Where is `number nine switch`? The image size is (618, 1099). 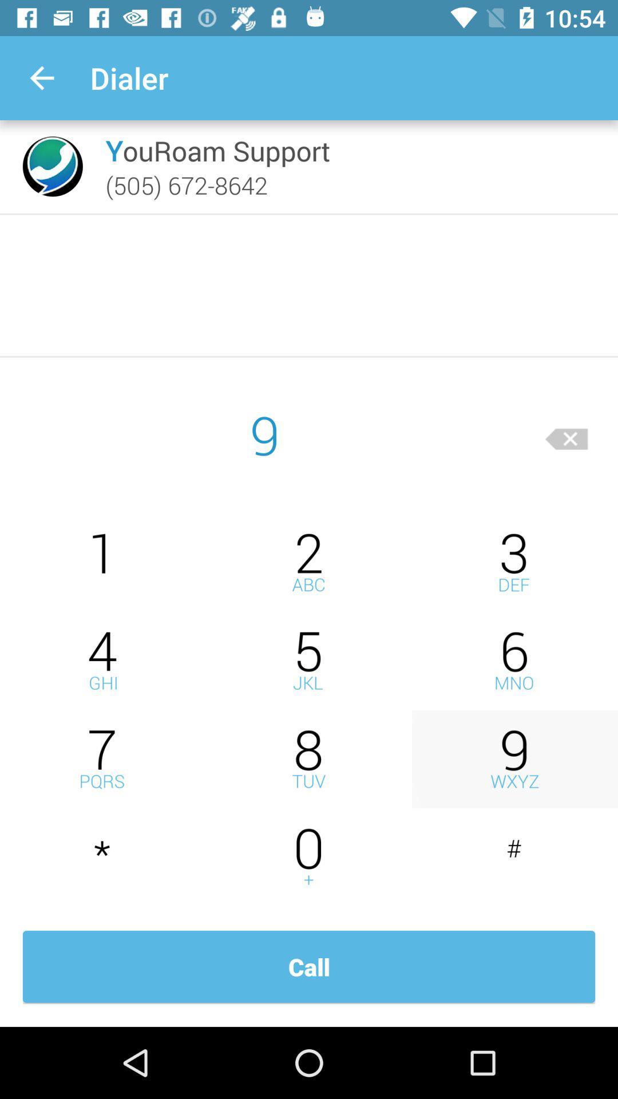
number nine switch is located at coordinates (514, 759).